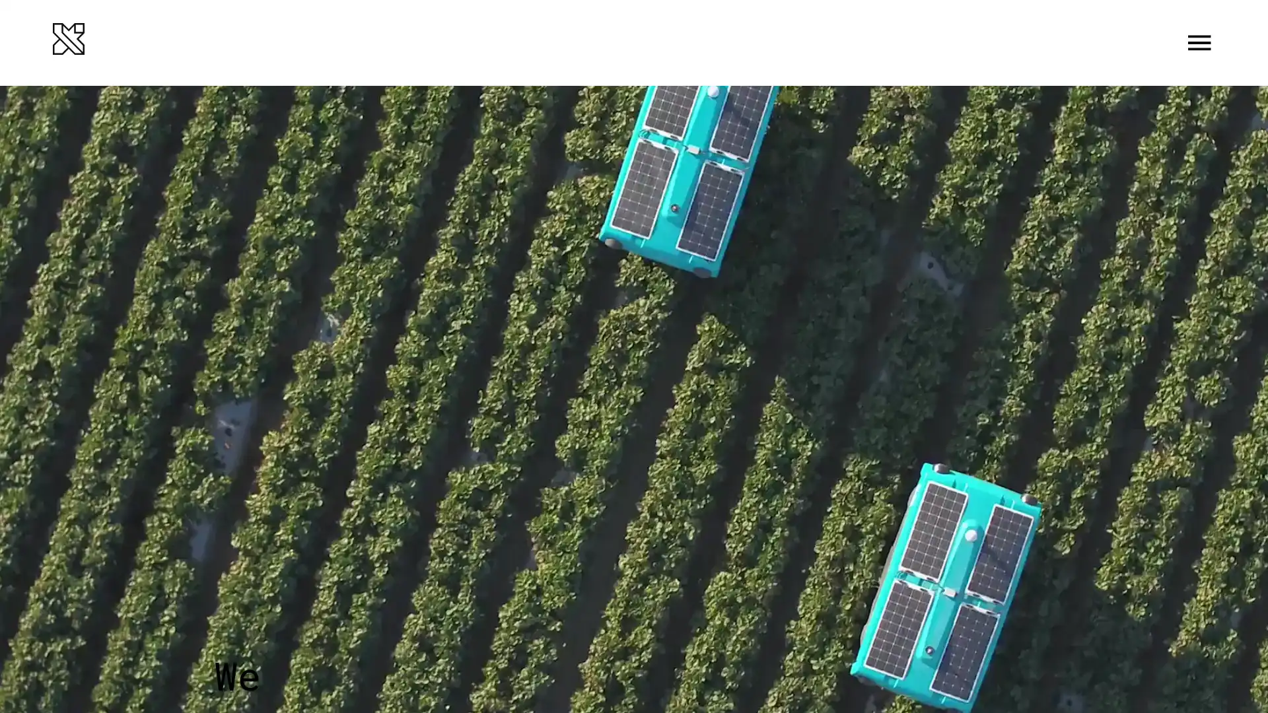 This screenshot has height=713, width=1268. Describe the element at coordinates (598, 86) in the screenshot. I see `2020 Seeing underwater In 2020, X launches Tidal, a new project combining machine learning and an underwater camera system to help understand and protect our oceans ecosystems. They start with a small corner of the problem: partnering with fish farmers to help them run and grow their operations more sustainably. Ten years of learning Over the course of 10 years, X learns a lot about some of the processes and cultural habits that help systematize innovation. For our 10th anniversary, we share the Gimbal  our internal guide to invention and innovation  alongside other tips for unleashing radical creativity that anyone can put into practice.` at that location.